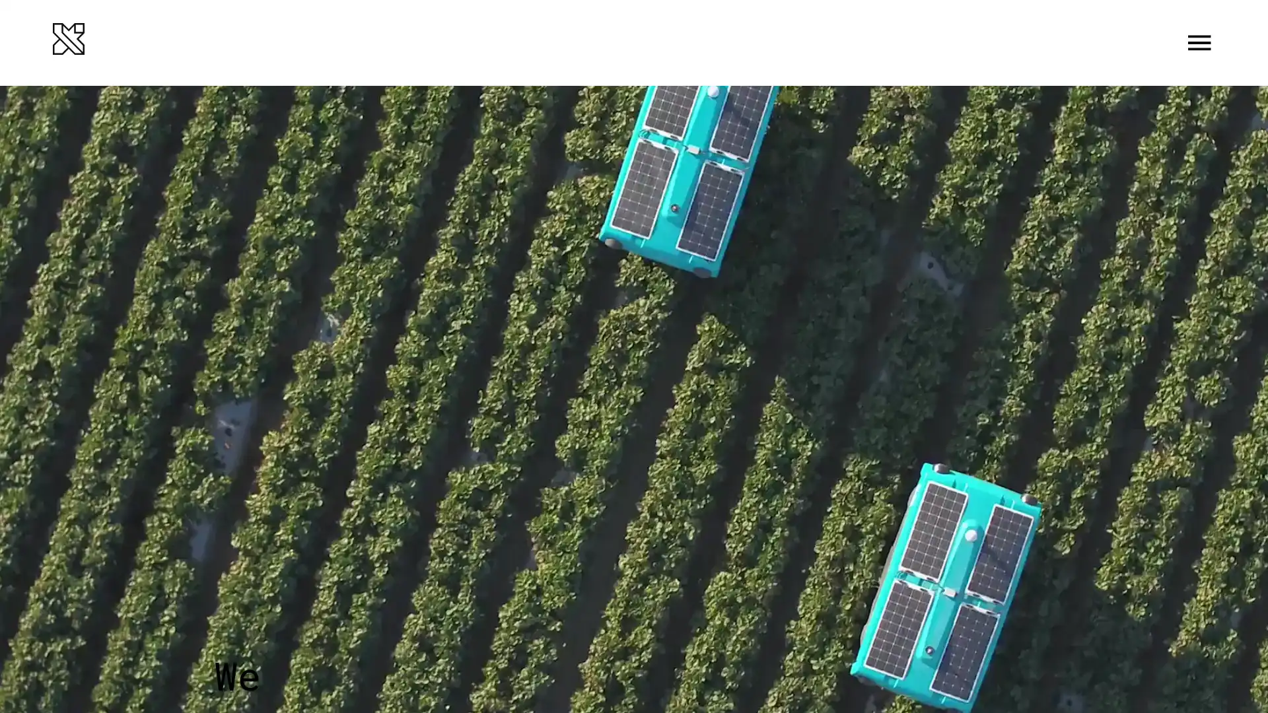 This screenshot has height=713, width=1268. Describe the element at coordinates (598, 86) in the screenshot. I see `2020 Seeing underwater In 2020, X launches Tidal, a new project combining machine learning and an underwater camera system to help understand and protect our oceans ecosystems. They start with a small corner of the problem: partnering with fish farmers to help them run and grow their operations more sustainably. Ten years of learning Over the course of 10 years, X learns a lot about some of the processes and cultural habits that help systematize innovation. For our 10th anniversary, we share the Gimbal  our internal guide to invention and innovation  alongside other tips for unleashing radical creativity that anyone can put into practice.` at that location.